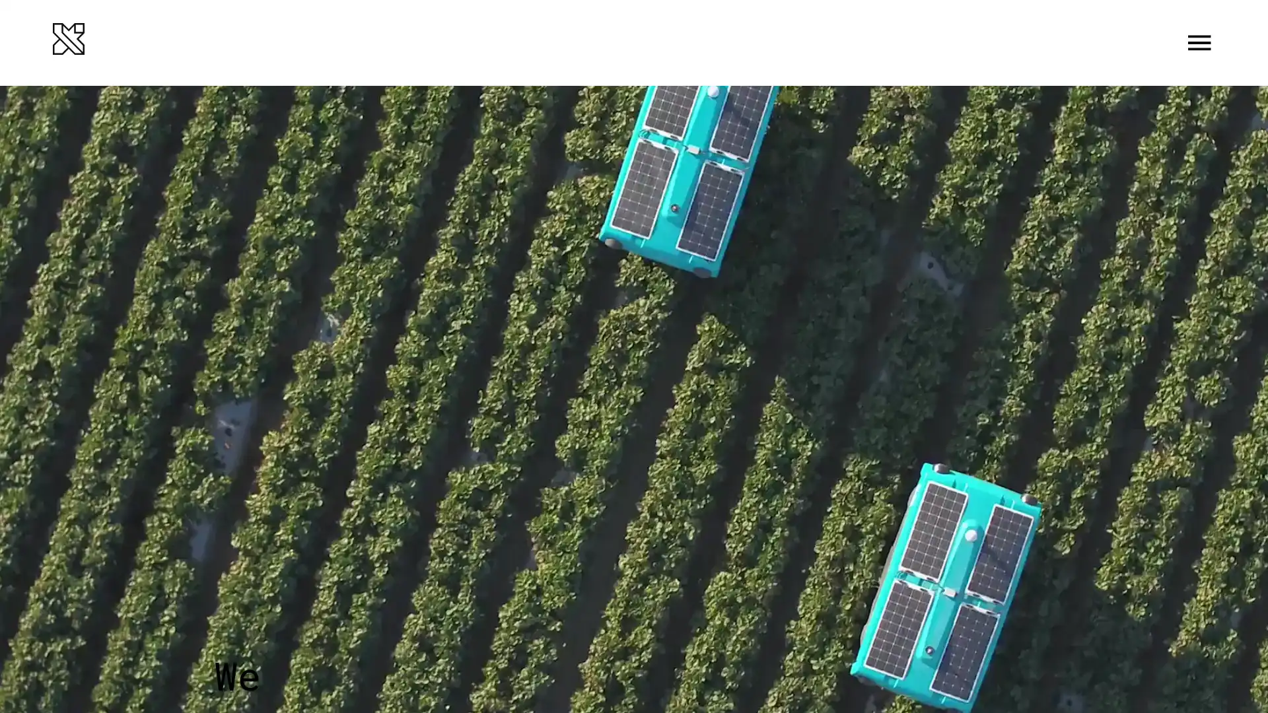 This screenshot has height=713, width=1268. Describe the element at coordinates (598, 86) in the screenshot. I see `2020 Seeing underwater In 2020, X launches Tidal, a new project combining machine learning and an underwater camera system to help understand and protect our oceans ecosystems. They start with a small corner of the problem: partnering with fish farmers to help them run and grow their operations more sustainably. Ten years of learning Over the course of 10 years, X learns a lot about some of the processes and cultural habits that help systematize innovation. For our 10th anniversary, we share the Gimbal  our internal guide to invention and innovation  alongside other tips for unleashing radical creativity that anyone can put into practice.` at that location.